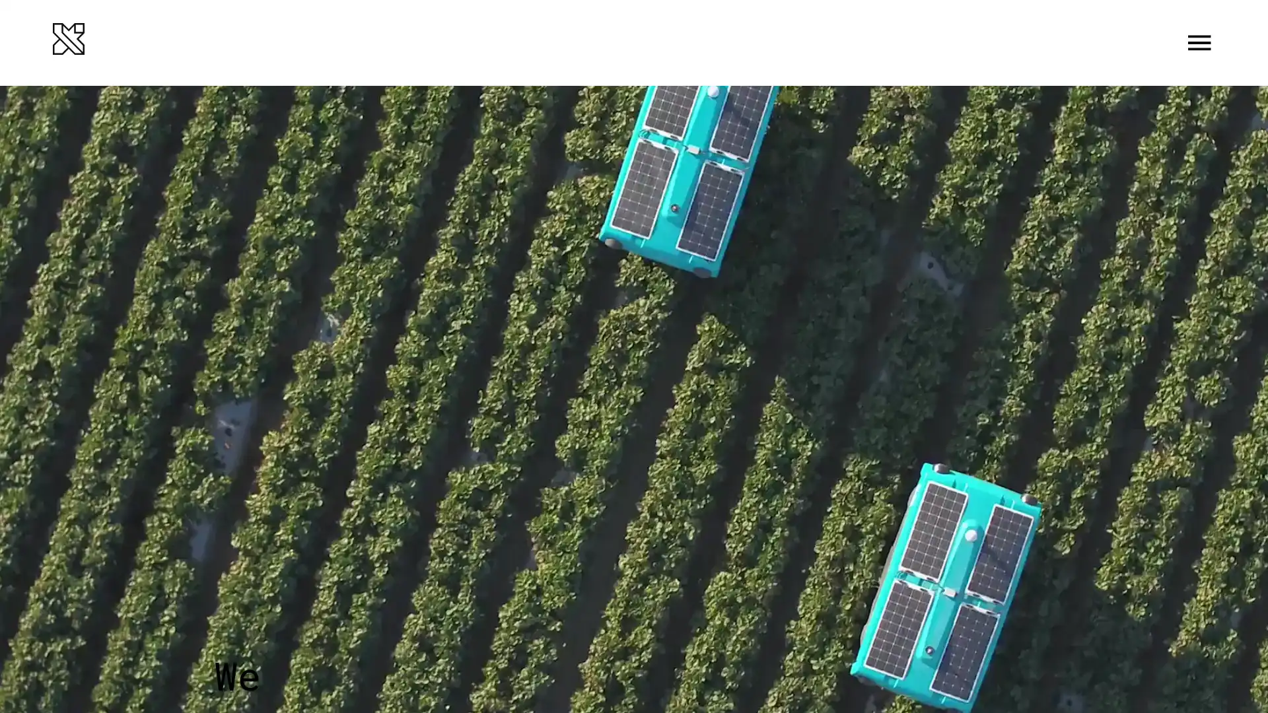 This screenshot has height=713, width=1268. Describe the element at coordinates (598, 86) in the screenshot. I see `2020 Seeing underwater In 2020, X launches Tidal, a new project combining machine learning and an underwater camera system to help understand and protect our oceans ecosystems. They start with a small corner of the problem: partnering with fish farmers to help them run and grow their operations more sustainably. Ten years of learning Over the course of 10 years, X learns a lot about some of the processes and cultural habits that help systematize innovation. For our 10th anniversary, we share the Gimbal  our internal guide to invention and innovation  alongside other tips for unleashing radical creativity that anyone can put into practice.` at that location.